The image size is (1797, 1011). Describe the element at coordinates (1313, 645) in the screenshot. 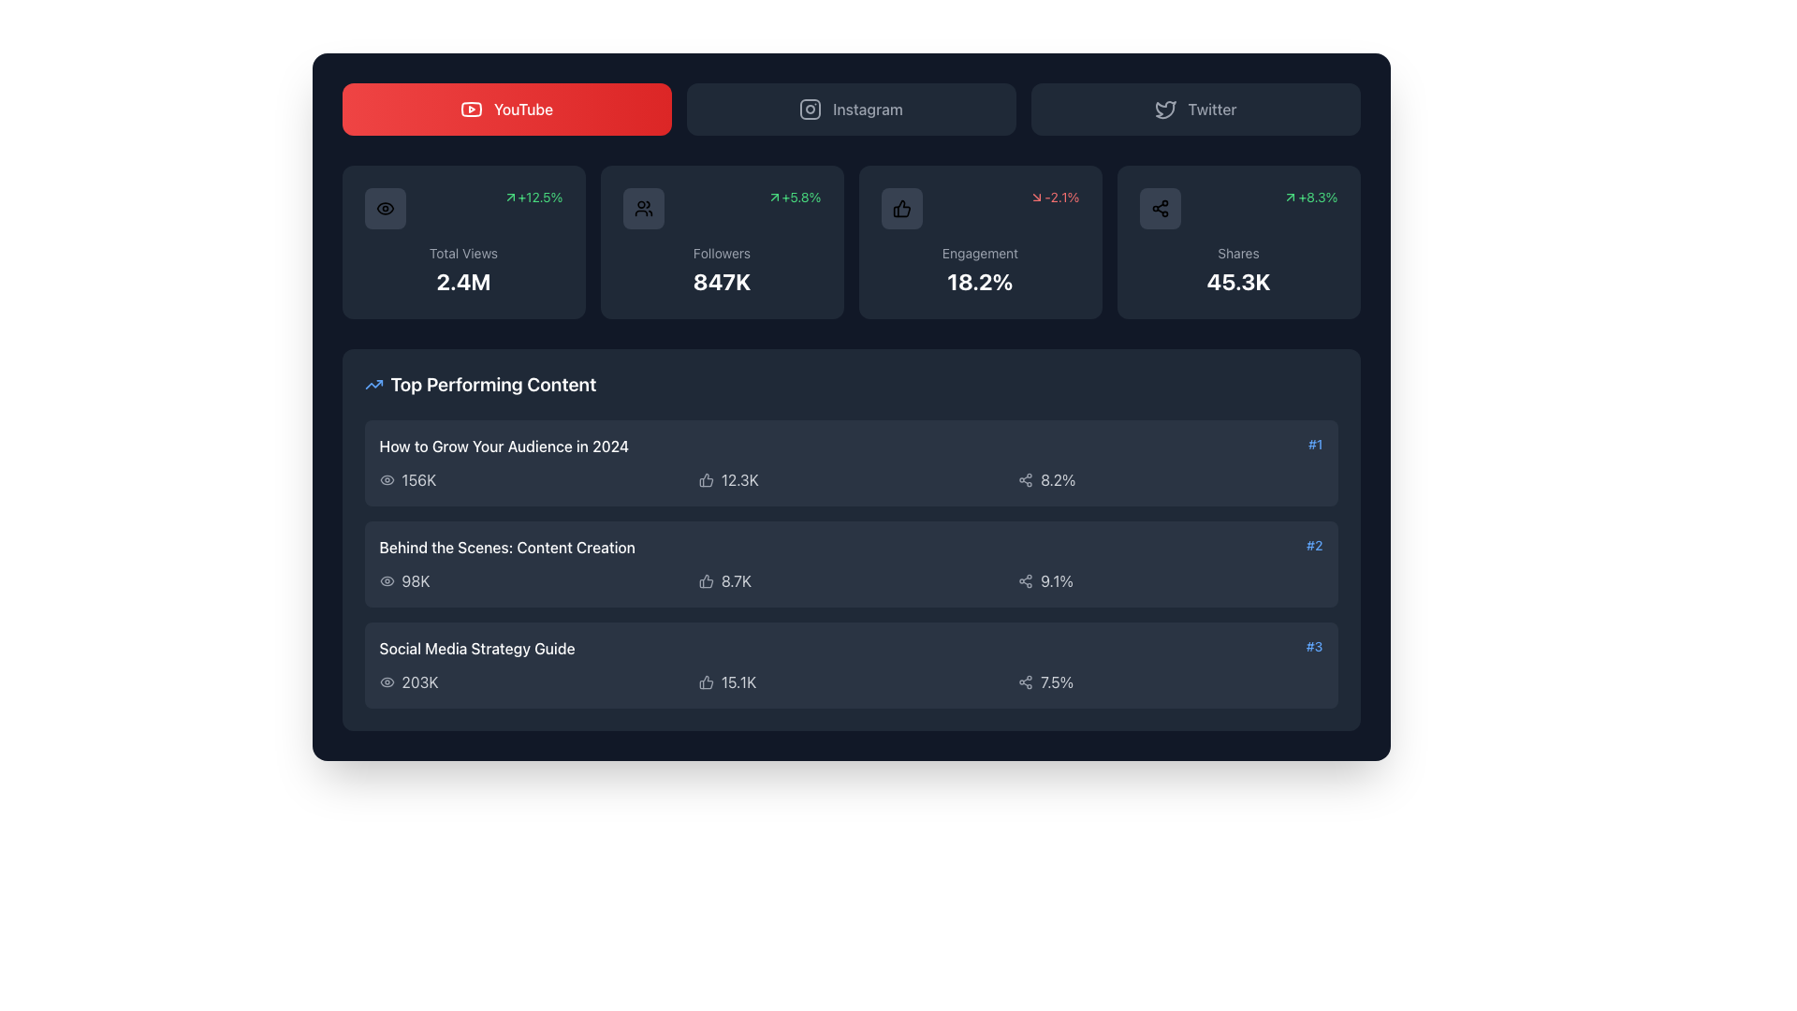

I see `the text label displaying '#3' in blue color, which is positioned beneath the list items '#1' and '#2' and adjacent to the title 'Social Media Strategy Guide'` at that location.